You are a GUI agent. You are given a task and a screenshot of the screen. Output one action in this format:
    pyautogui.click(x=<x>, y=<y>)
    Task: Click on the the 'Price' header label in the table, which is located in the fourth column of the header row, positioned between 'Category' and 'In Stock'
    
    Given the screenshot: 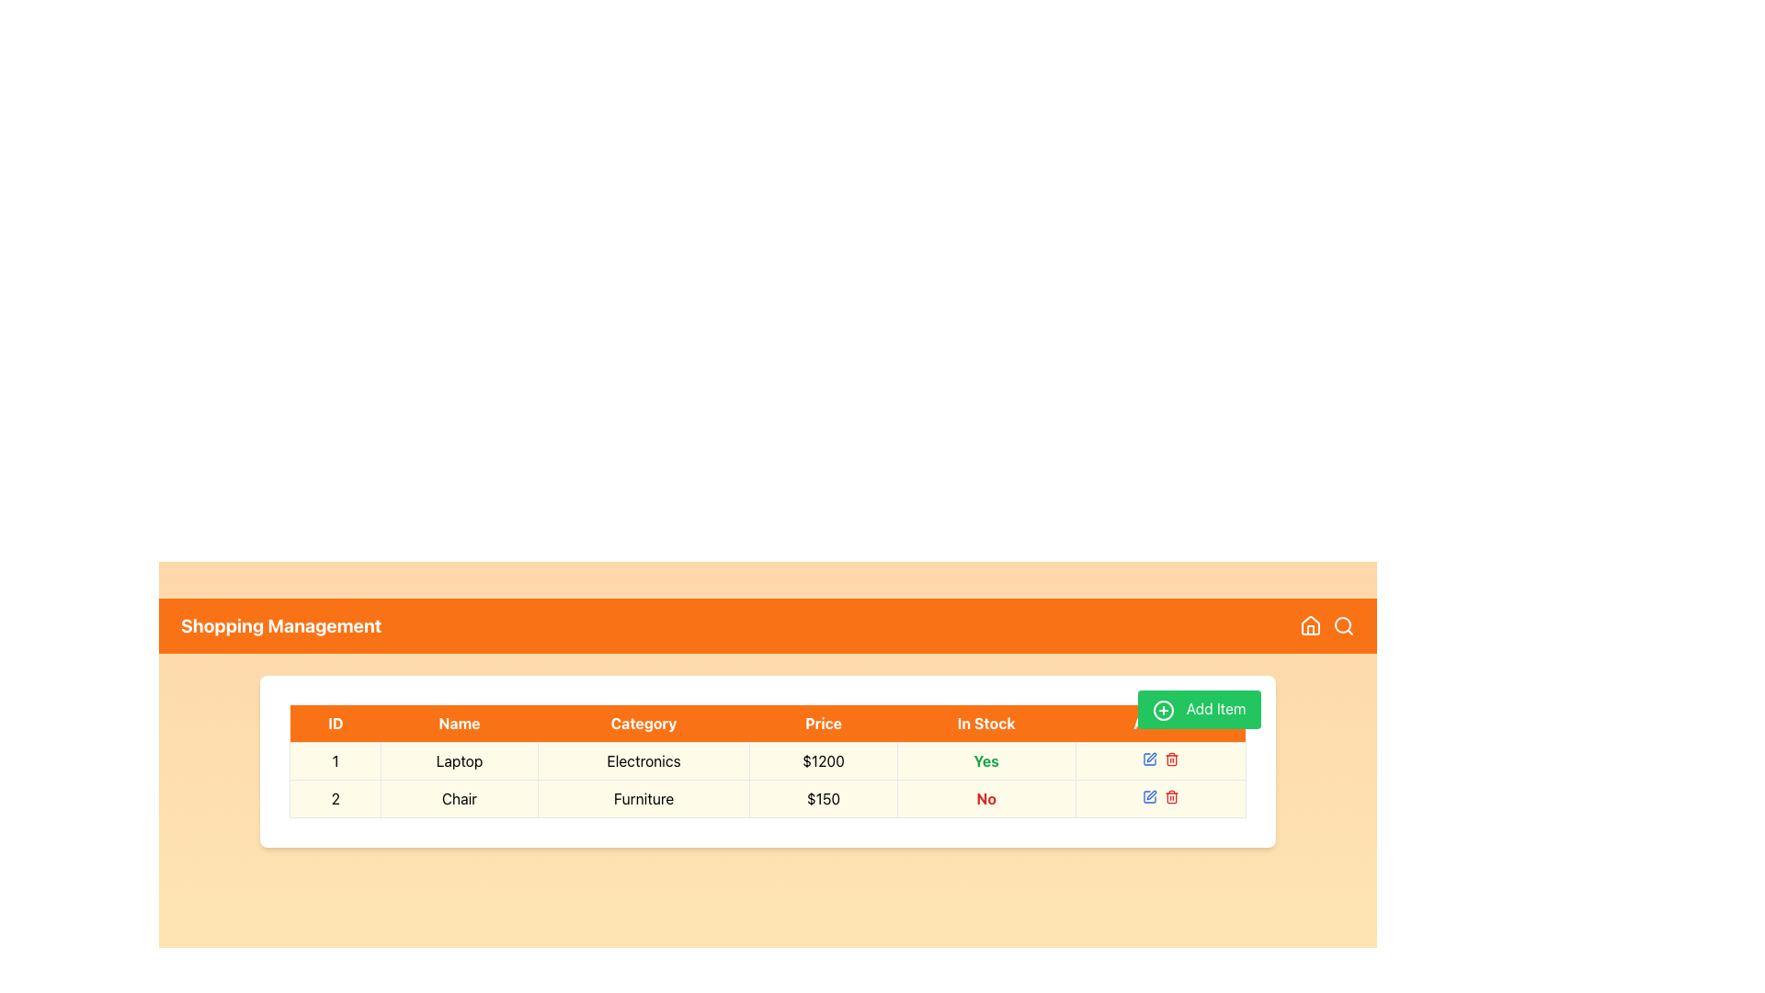 What is the action you would take?
    pyautogui.click(x=823, y=723)
    